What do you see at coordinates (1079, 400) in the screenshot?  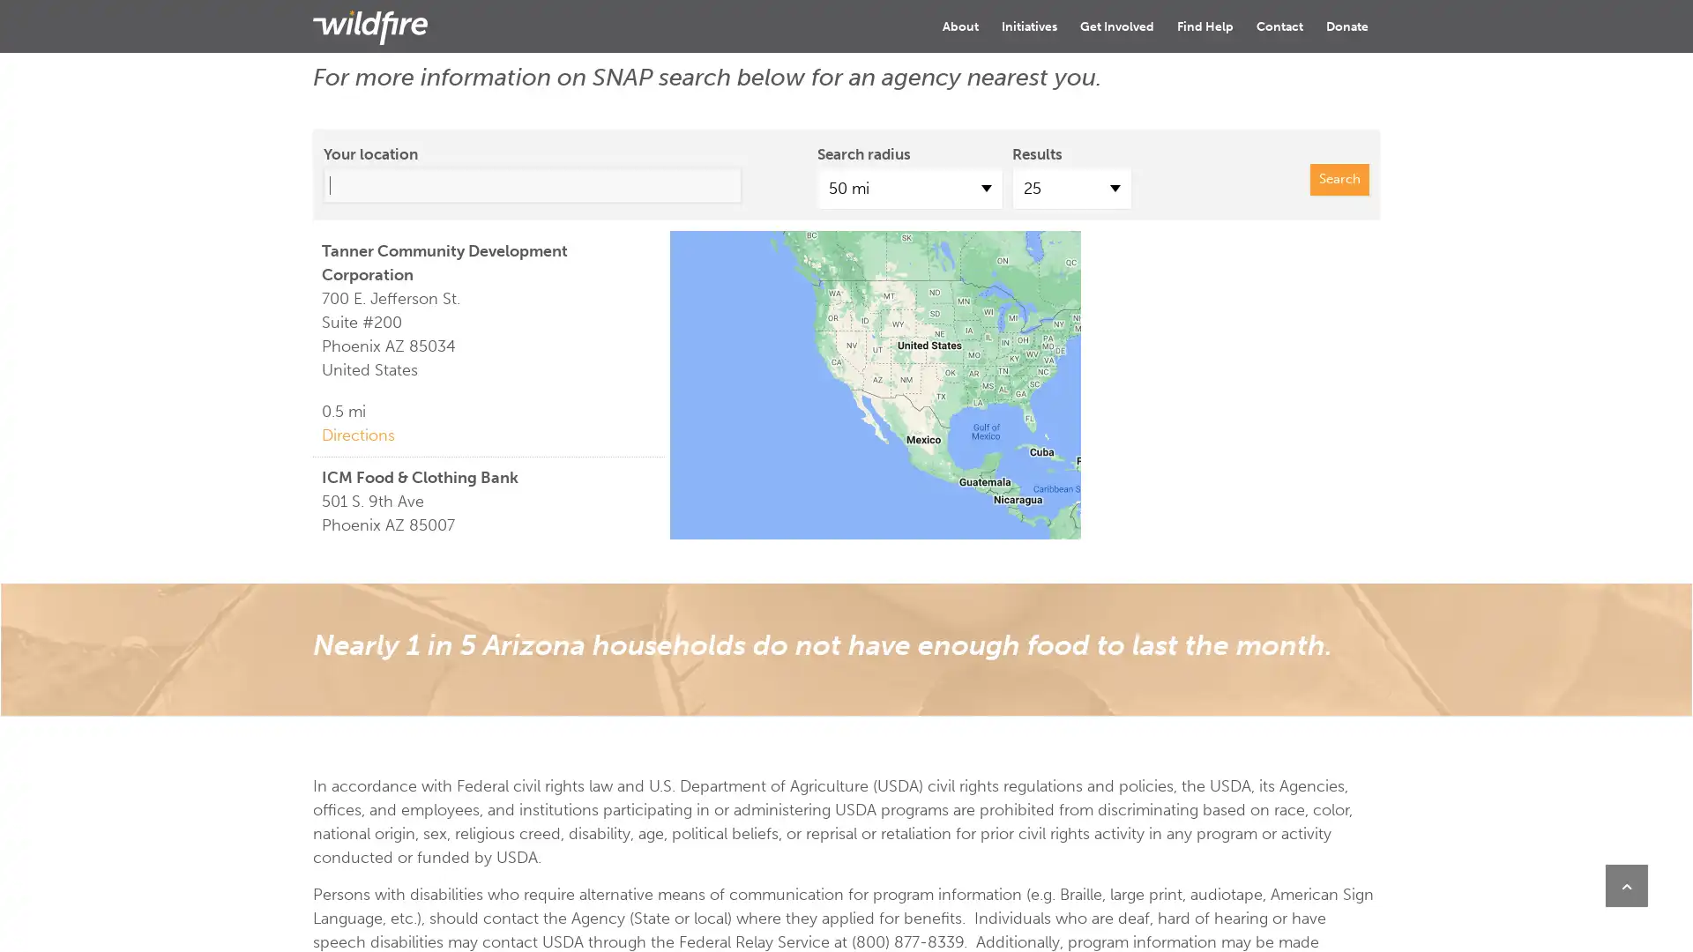 I see `Maricopa Community Colleges: Rio Salado` at bounding box center [1079, 400].